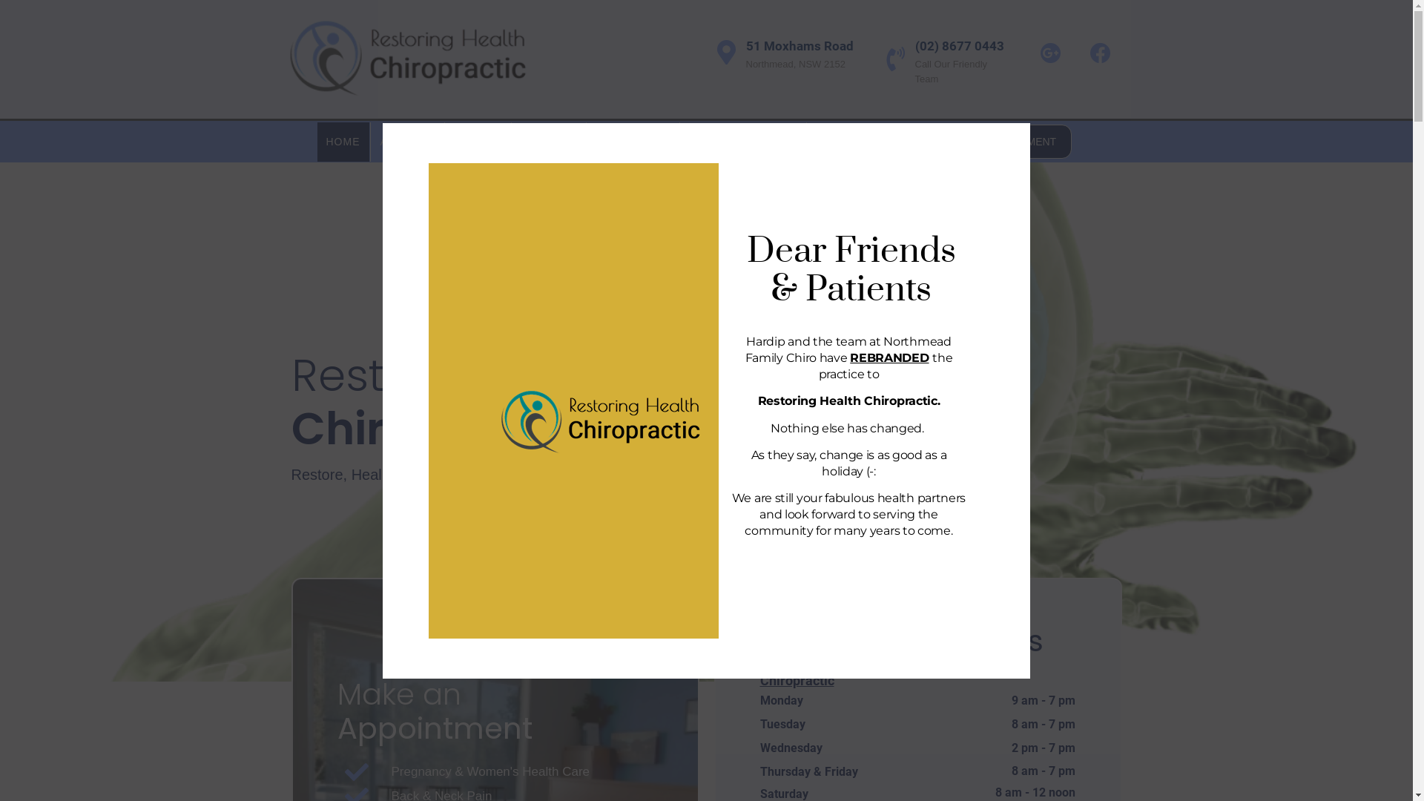 This screenshot has height=801, width=1424. What do you see at coordinates (843, 141) in the screenshot?
I see `'CONTACT'` at bounding box center [843, 141].